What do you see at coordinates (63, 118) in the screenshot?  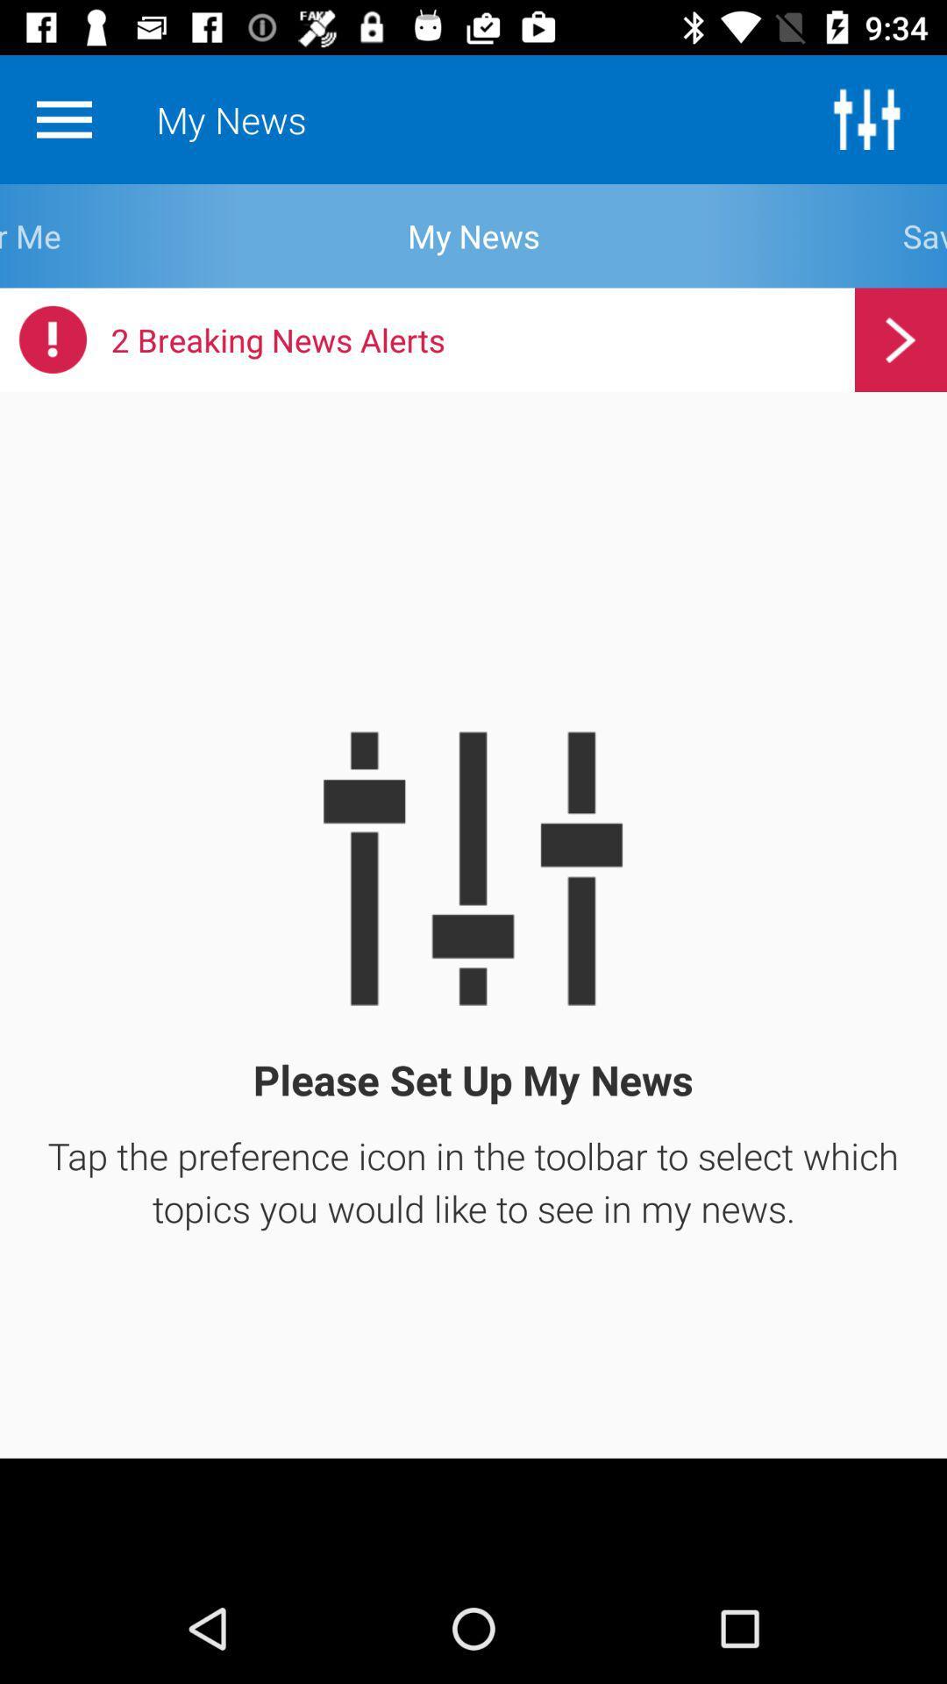 I see `the menu icon` at bounding box center [63, 118].